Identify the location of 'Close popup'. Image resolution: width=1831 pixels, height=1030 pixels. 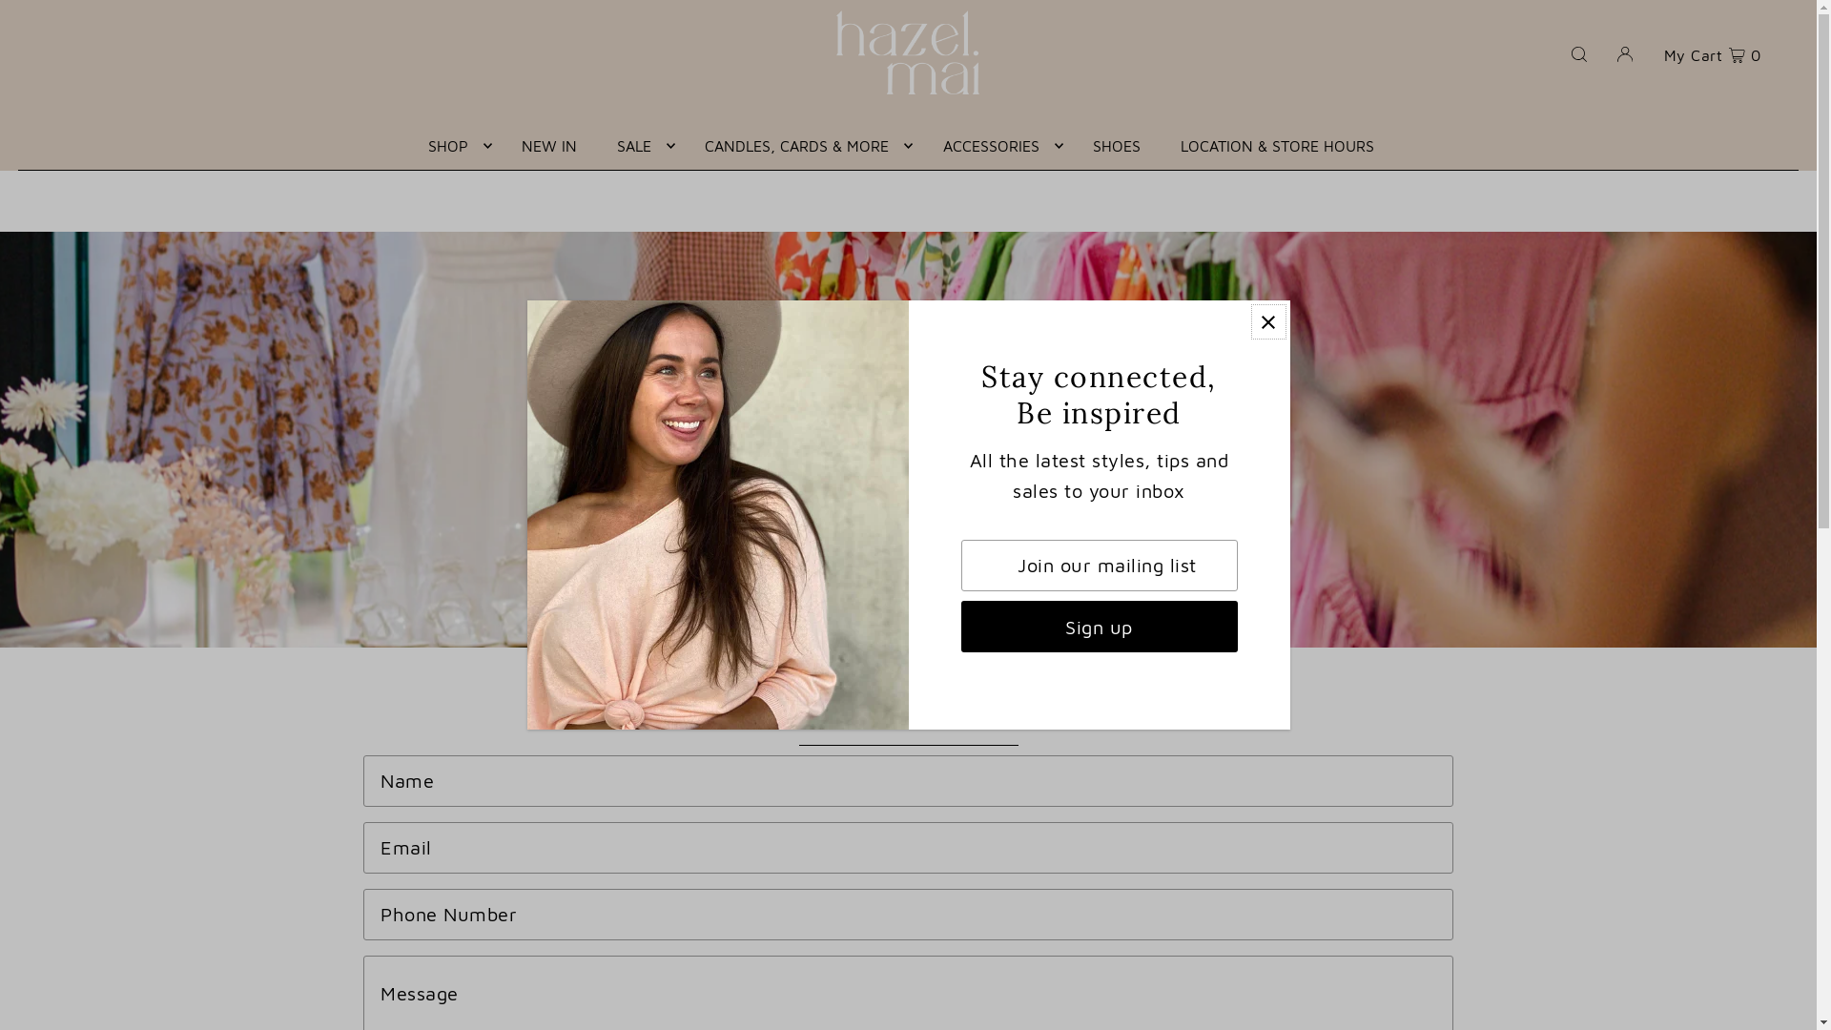
(1267, 320).